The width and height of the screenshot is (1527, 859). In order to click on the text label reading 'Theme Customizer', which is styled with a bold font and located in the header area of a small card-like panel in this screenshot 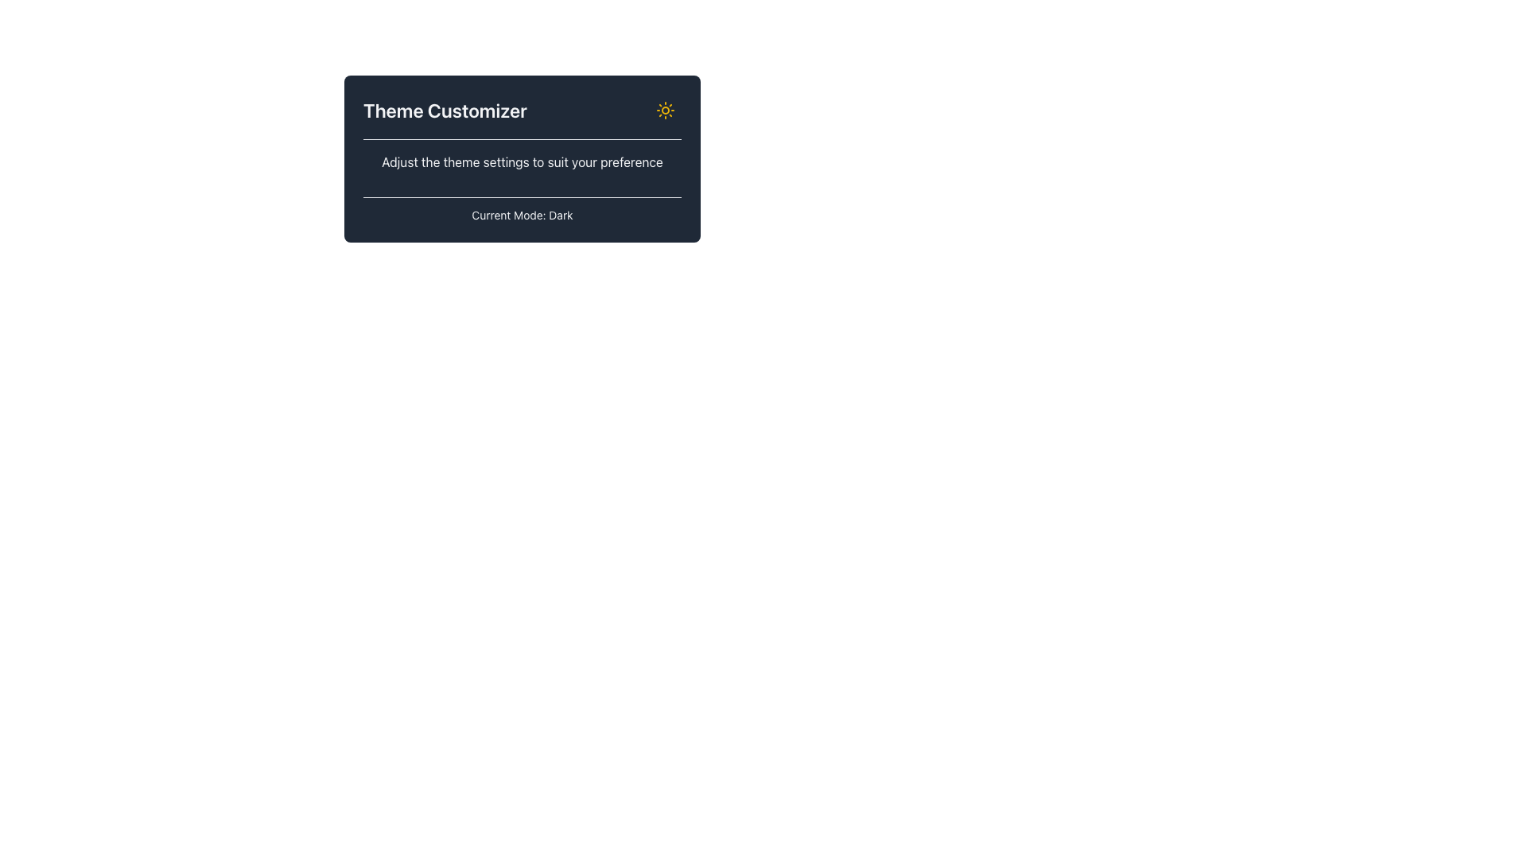, I will do `click(445, 109)`.